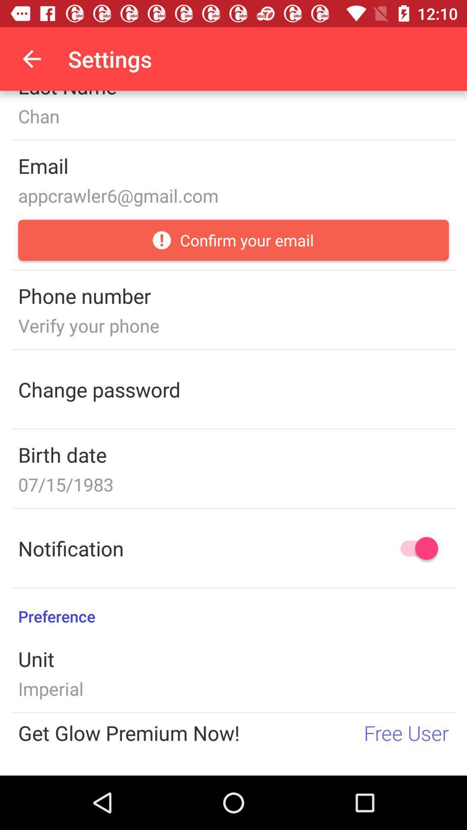 The image size is (467, 830). I want to click on the free user icon, so click(406, 732).